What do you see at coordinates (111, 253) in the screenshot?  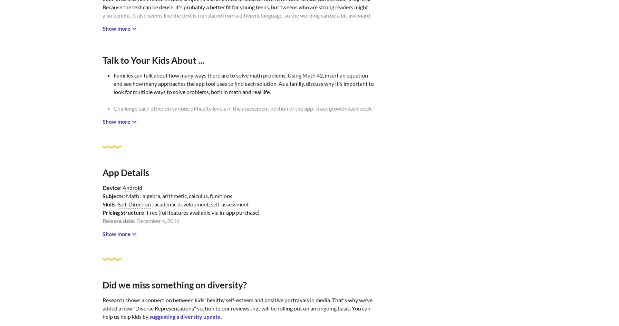 I see `'Version'` at bounding box center [111, 253].